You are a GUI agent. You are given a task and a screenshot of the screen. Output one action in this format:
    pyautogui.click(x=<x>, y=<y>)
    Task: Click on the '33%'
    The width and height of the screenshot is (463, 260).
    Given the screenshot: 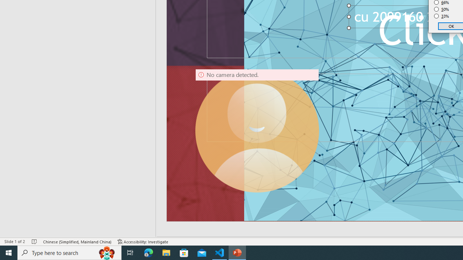 What is the action you would take?
    pyautogui.click(x=441, y=16)
    